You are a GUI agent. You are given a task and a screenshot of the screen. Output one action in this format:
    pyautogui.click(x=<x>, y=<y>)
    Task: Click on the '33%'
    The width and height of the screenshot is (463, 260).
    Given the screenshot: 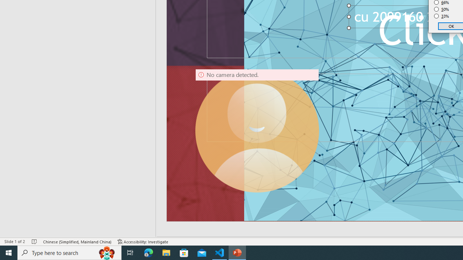 What is the action you would take?
    pyautogui.click(x=441, y=16)
    